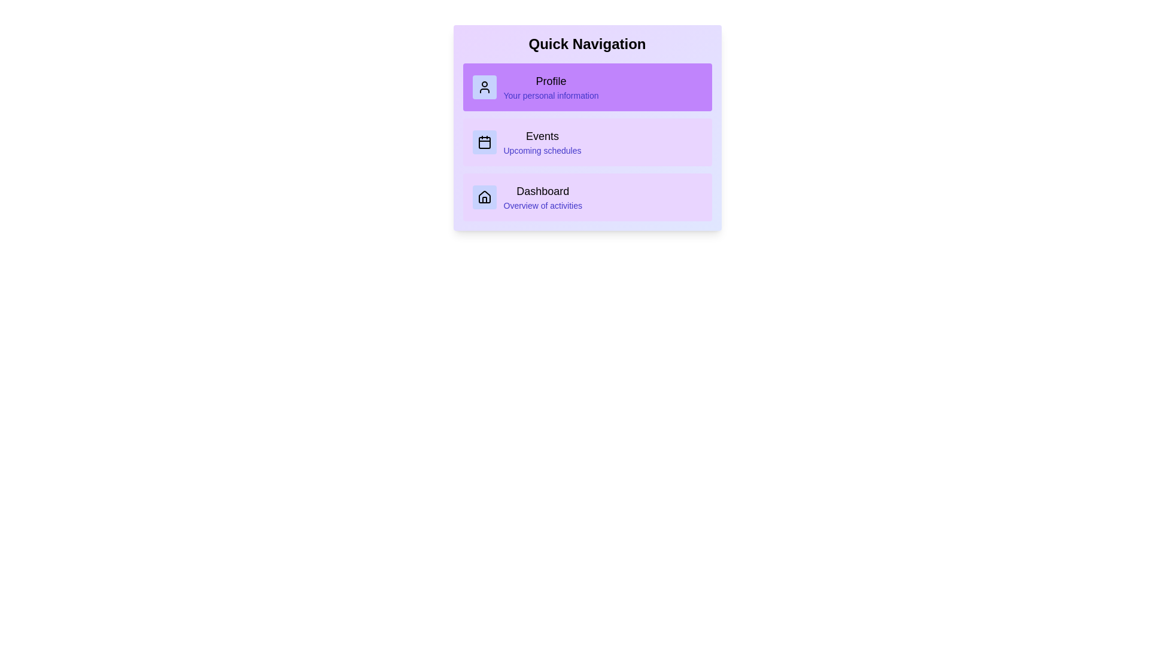 The width and height of the screenshot is (1149, 646). Describe the element at coordinates (587, 142) in the screenshot. I see `the menu item corresponding to Events` at that location.